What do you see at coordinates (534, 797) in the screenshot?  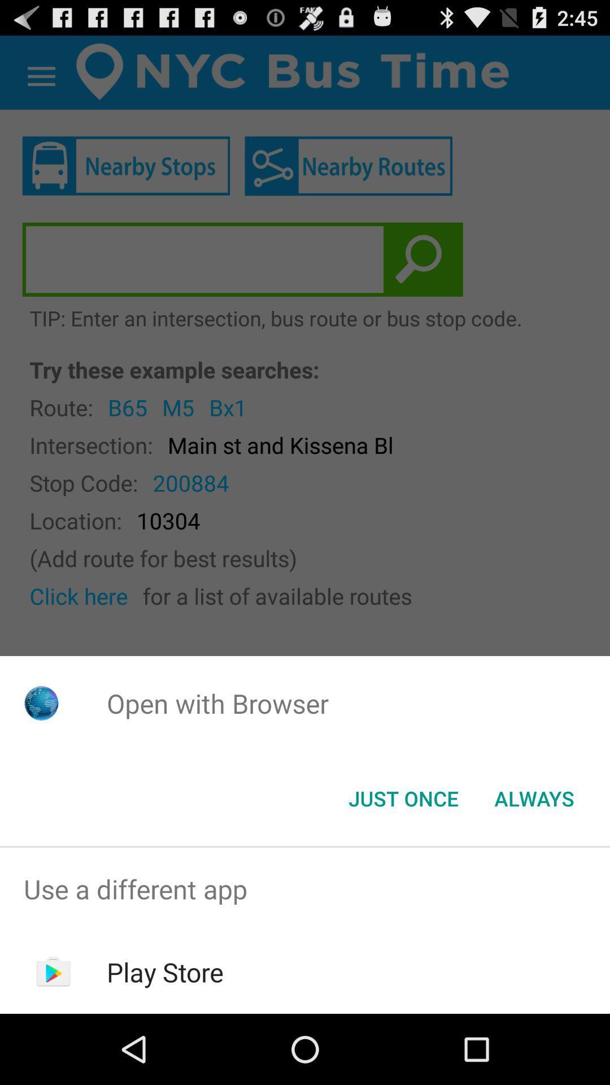 I see `icon next to the just once button` at bounding box center [534, 797].